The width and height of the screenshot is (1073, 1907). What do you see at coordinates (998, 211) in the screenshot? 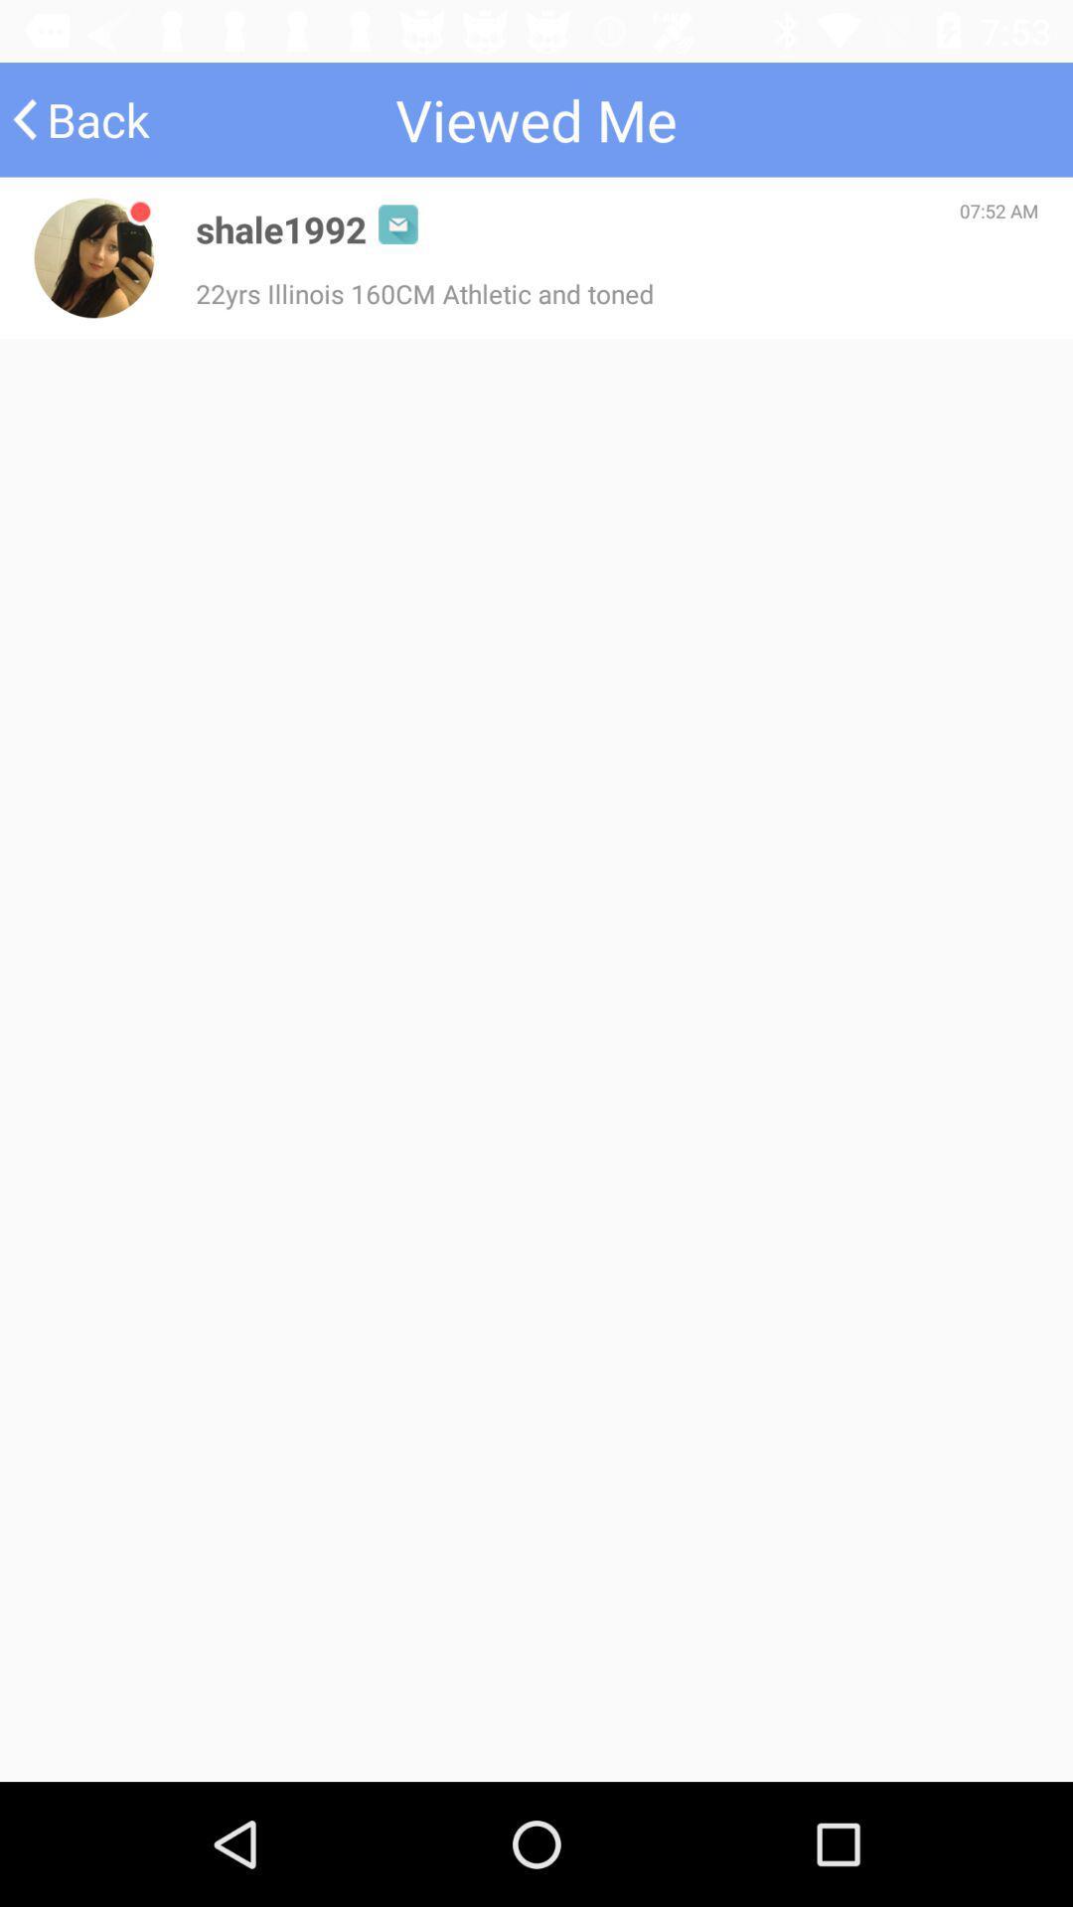
I see `the item at the top right corner` at bounding box center [998, 211].